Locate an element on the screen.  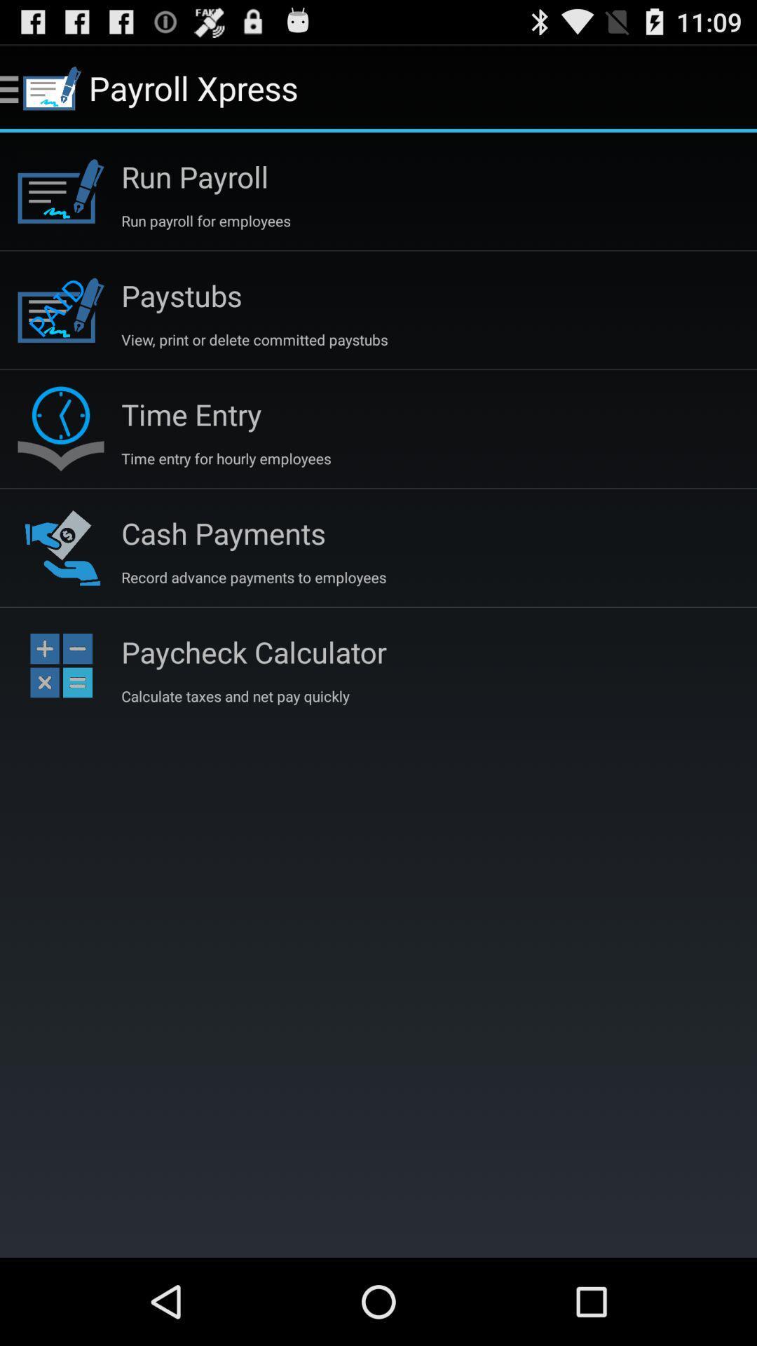
app below paystubs is located at coordinates (254, 339).